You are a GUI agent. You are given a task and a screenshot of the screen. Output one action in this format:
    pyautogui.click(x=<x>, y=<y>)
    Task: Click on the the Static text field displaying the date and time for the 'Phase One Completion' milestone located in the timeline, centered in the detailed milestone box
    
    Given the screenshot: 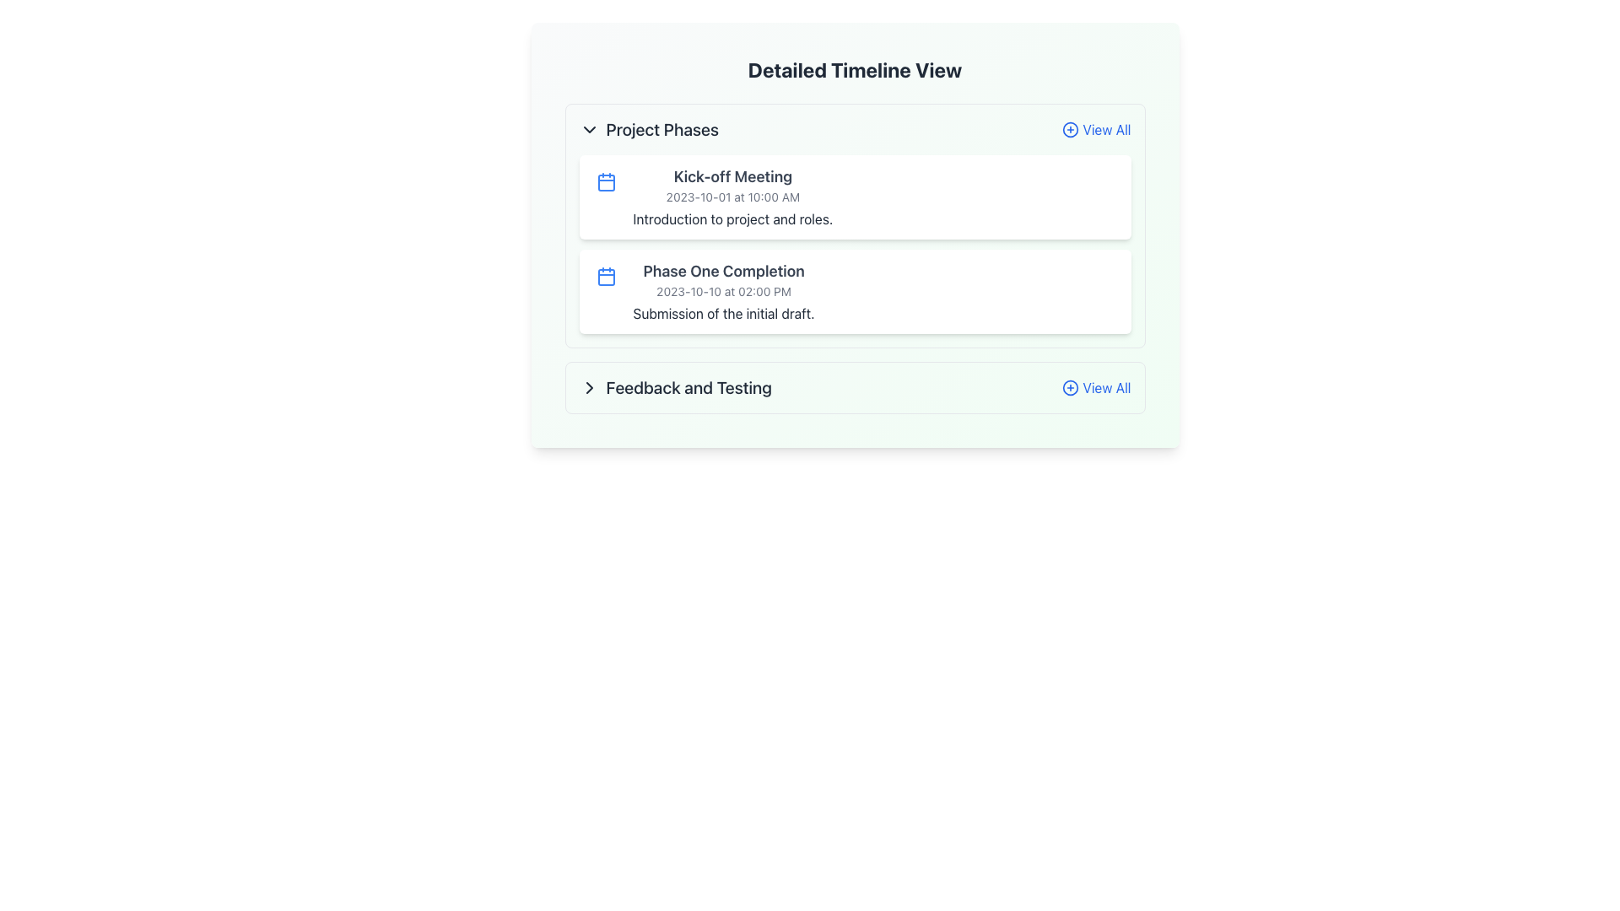 What is the action you would take?
    pyautogui.click(x=724, y=291)
    